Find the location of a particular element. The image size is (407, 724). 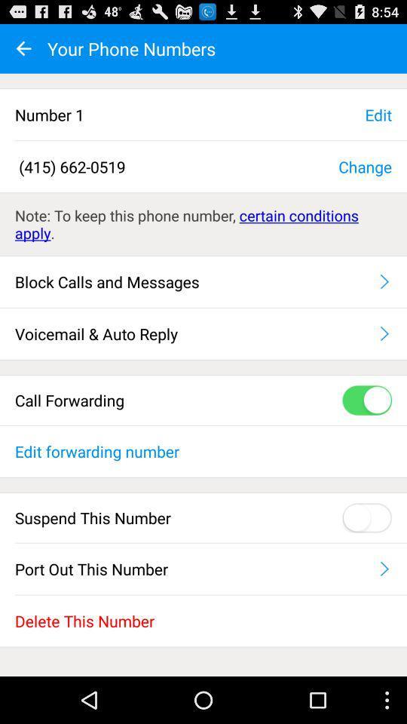

the change app is located at coordinates (364, 166).